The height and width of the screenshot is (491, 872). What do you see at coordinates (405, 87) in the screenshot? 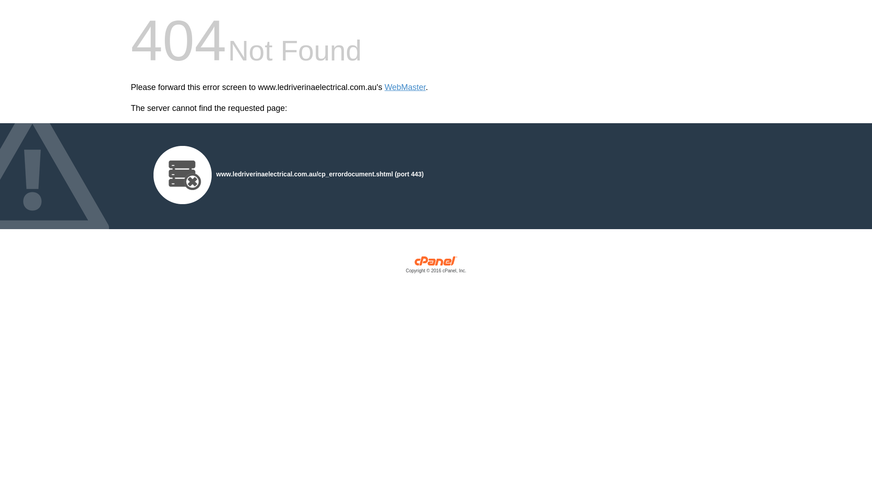
I see `'WebMaster'` at bounding box center [405, 87].